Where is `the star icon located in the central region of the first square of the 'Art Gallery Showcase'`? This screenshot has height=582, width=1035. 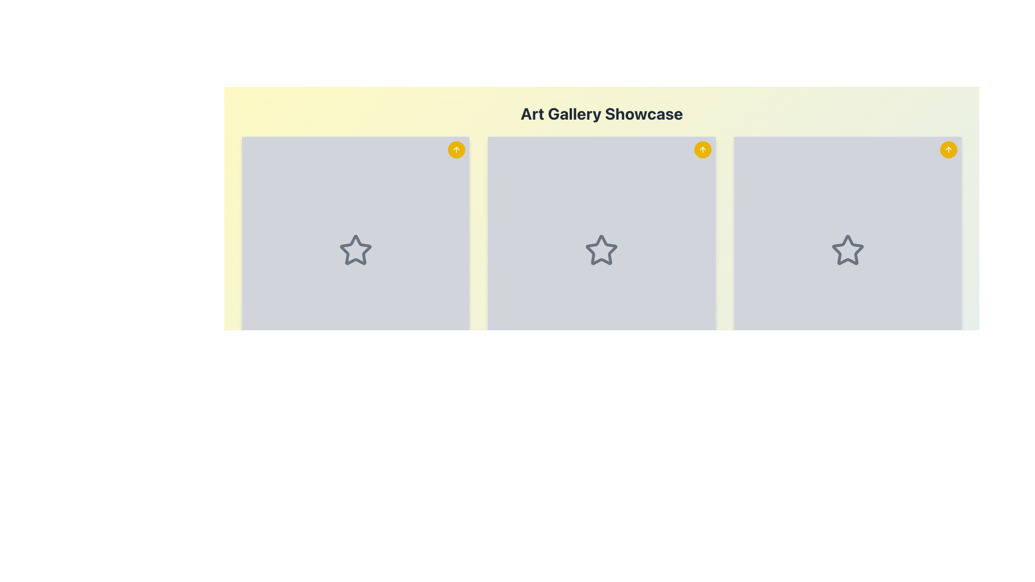 the star icon located in the central region of the first square of the 'Art Gallery Showcase' is located at coordinates (356, 251).